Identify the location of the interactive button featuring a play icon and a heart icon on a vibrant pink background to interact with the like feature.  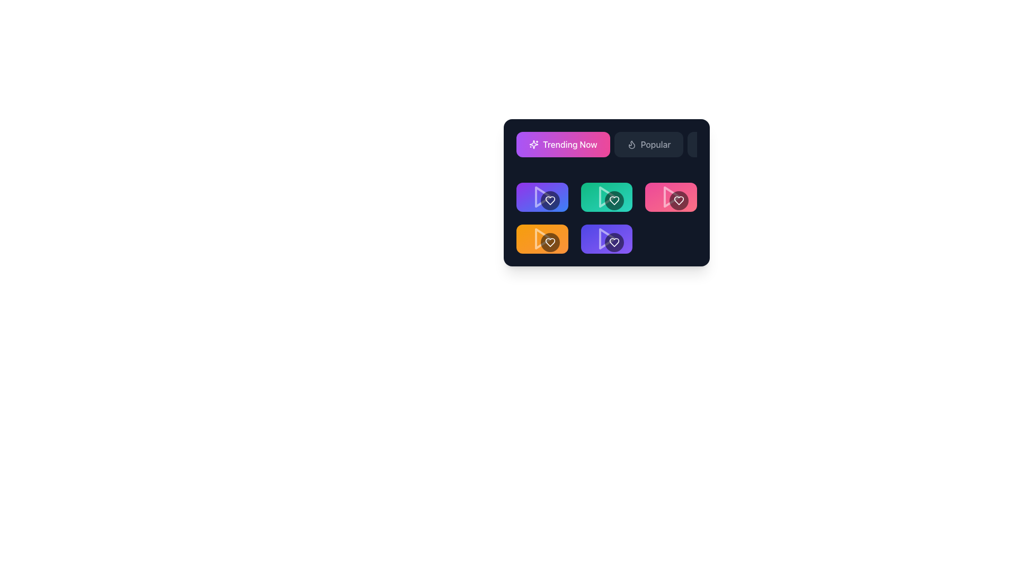
(671, 192).